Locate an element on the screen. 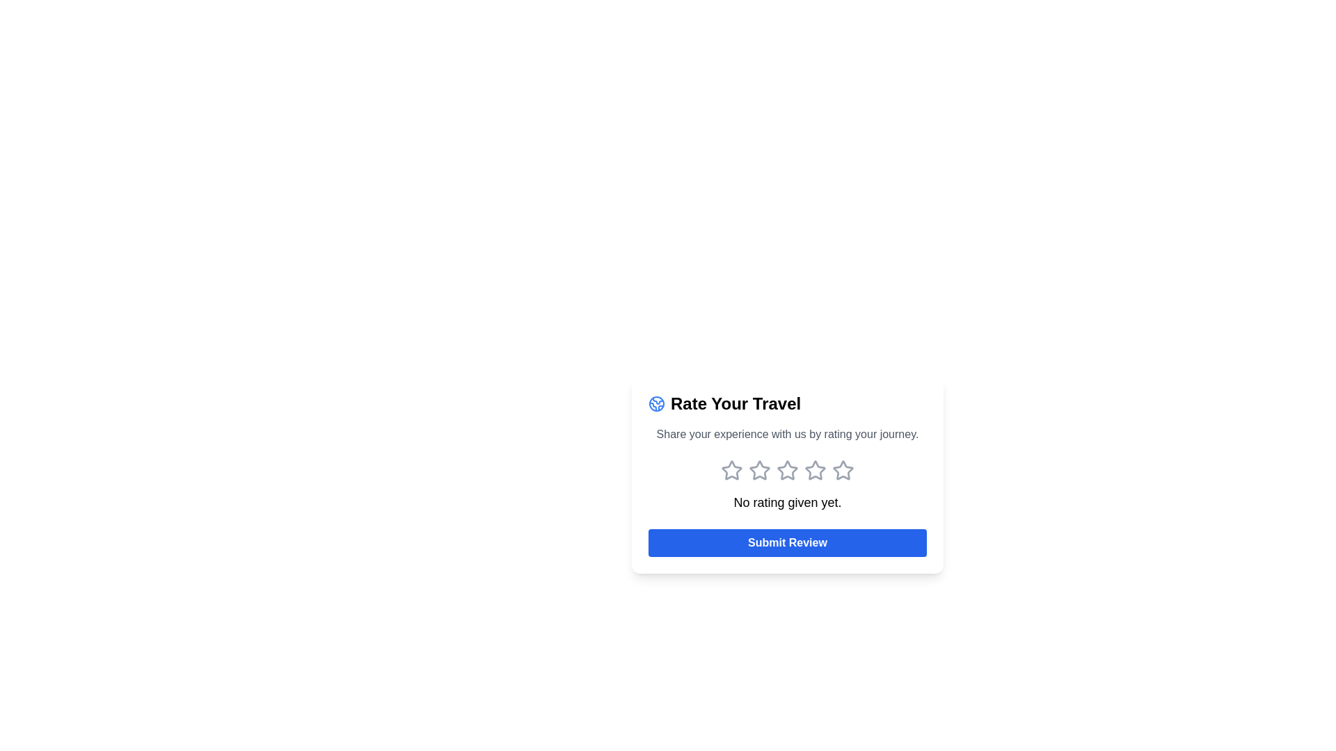 This screenshot has width=1336, height=751. the second star from the left in the row of five stars to register a rating of two stars, located centrally below the text 'Share your experience with us by rating your journey.' is located at coordinates (758, 470).